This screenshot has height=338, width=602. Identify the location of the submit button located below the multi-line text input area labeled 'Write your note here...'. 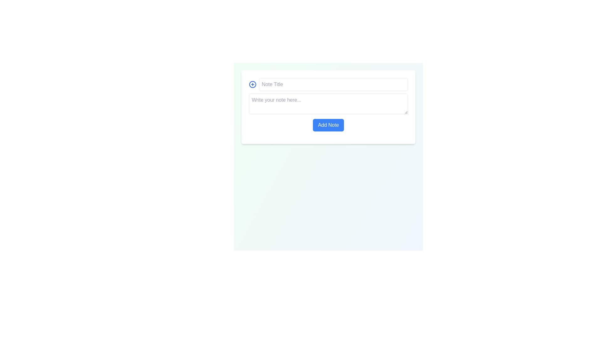
(328, 125).